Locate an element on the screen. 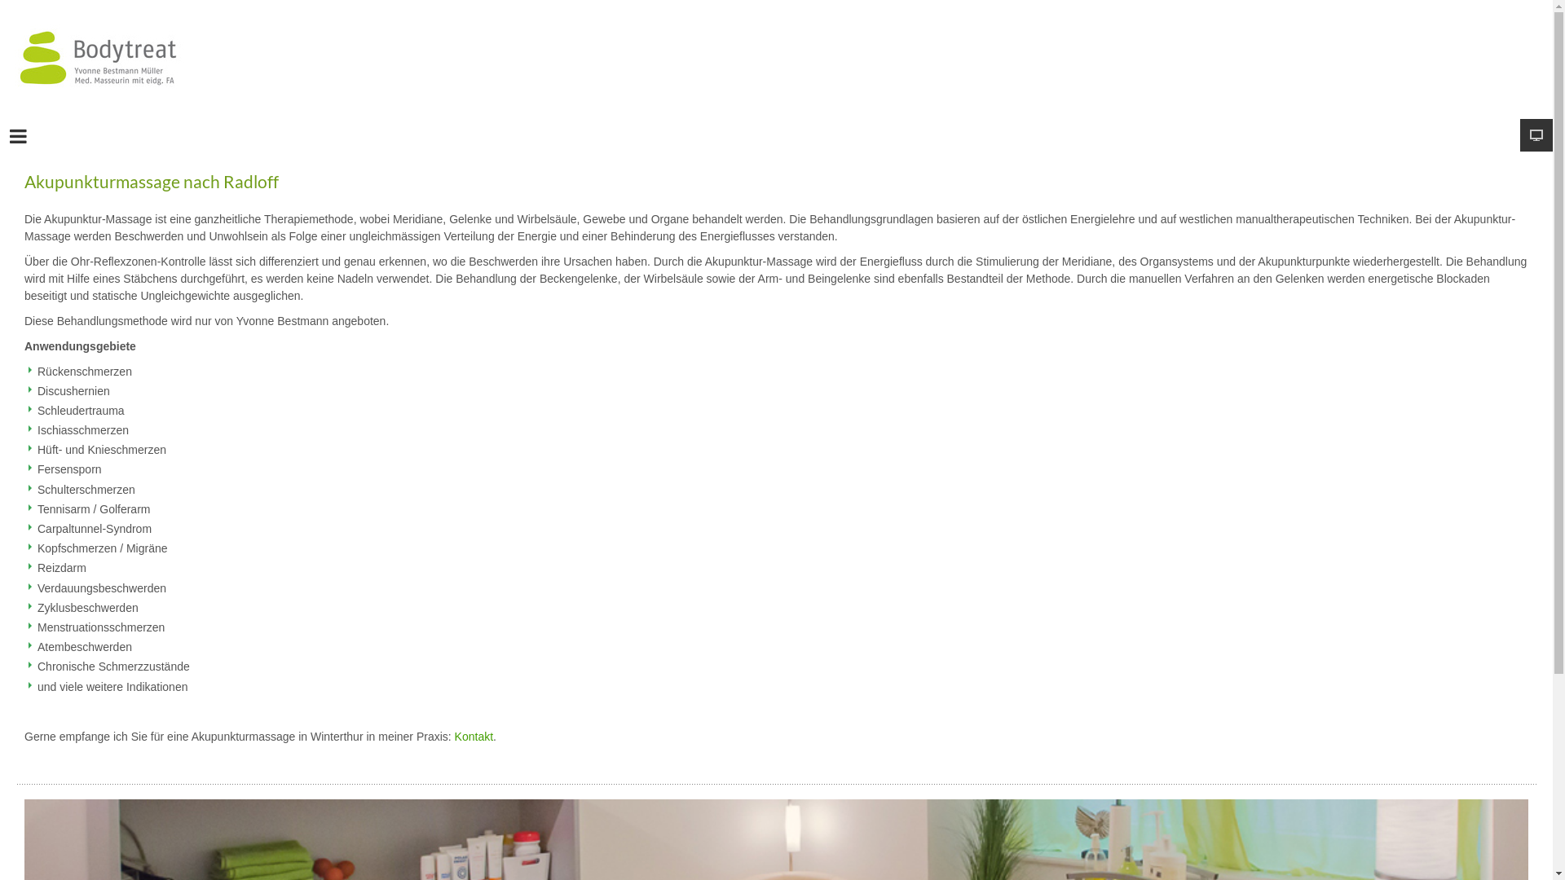 This screenshot has width=1565, height=880. 'Kontakt' is located at coordinates (473, 736).